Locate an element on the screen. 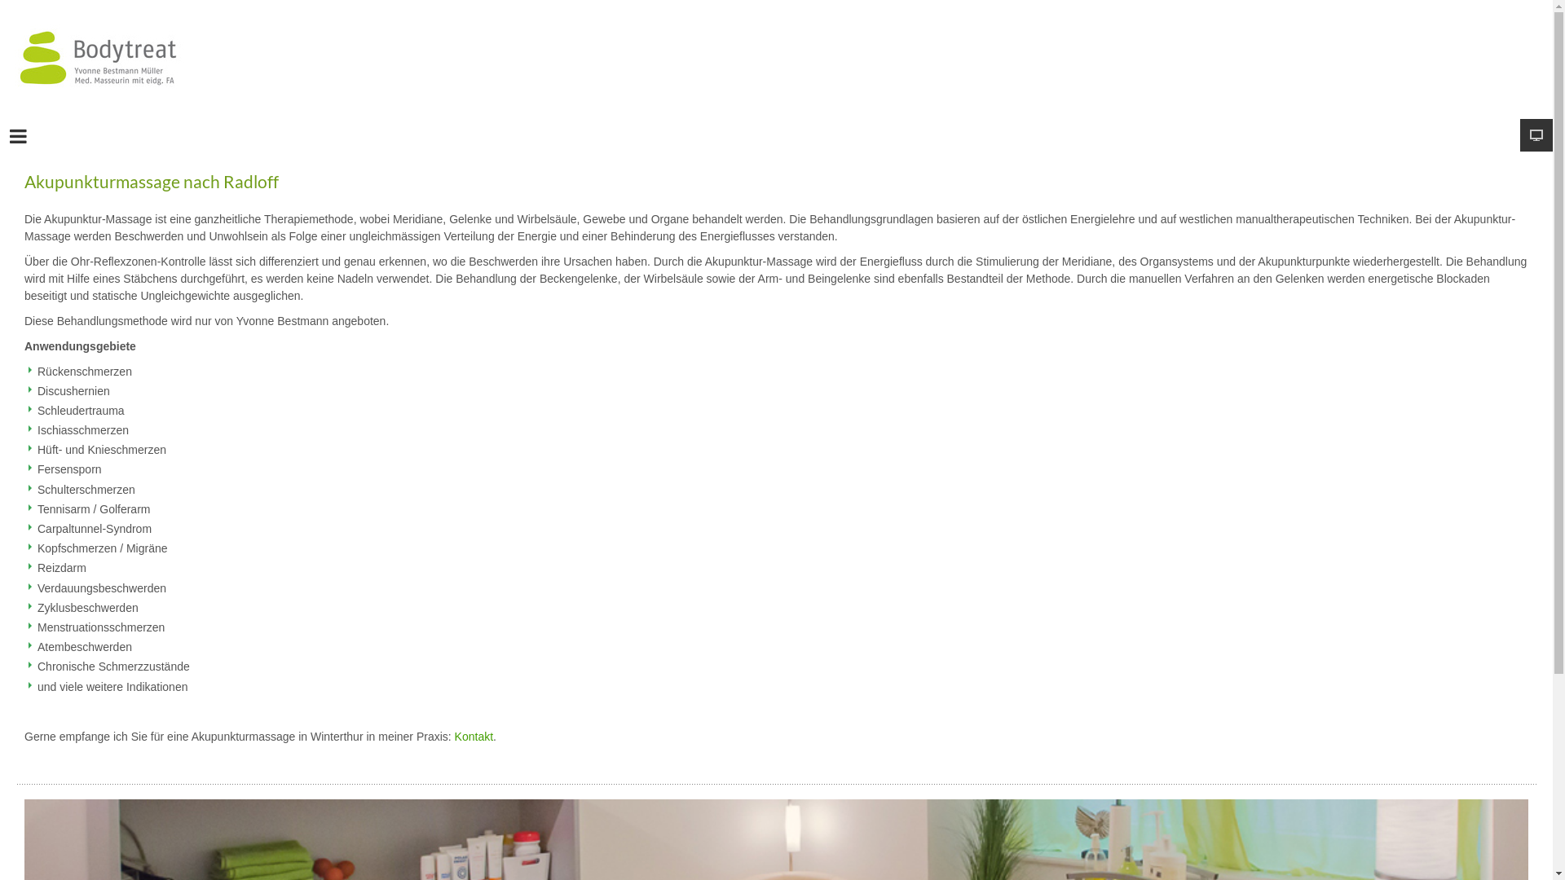 This screenshot has width=1565, height=880. 'Kontakt' is located at coordinates (473, 736).